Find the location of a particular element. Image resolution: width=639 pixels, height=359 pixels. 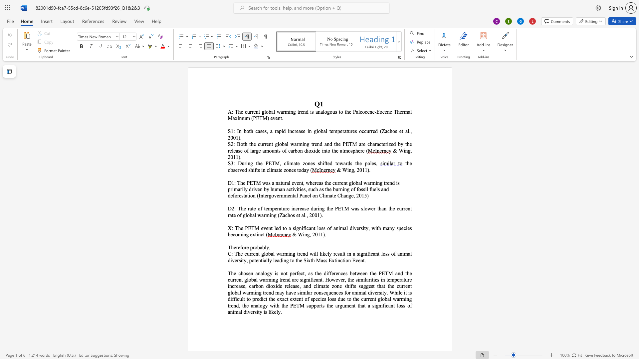

the 3th character "e" in the text is located at coordinates (316, 144).